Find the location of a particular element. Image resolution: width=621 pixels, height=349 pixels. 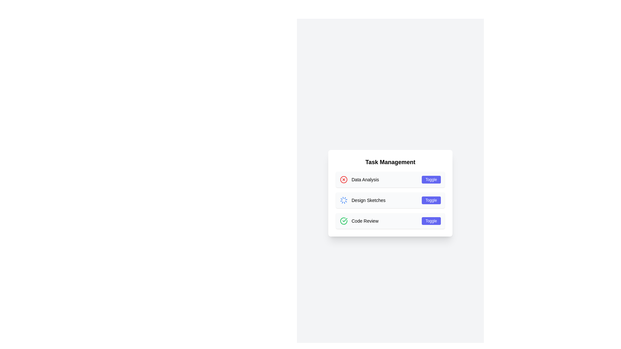

the 'Data Analysis' action item at the top of the list is located at coordinates (390, 179).